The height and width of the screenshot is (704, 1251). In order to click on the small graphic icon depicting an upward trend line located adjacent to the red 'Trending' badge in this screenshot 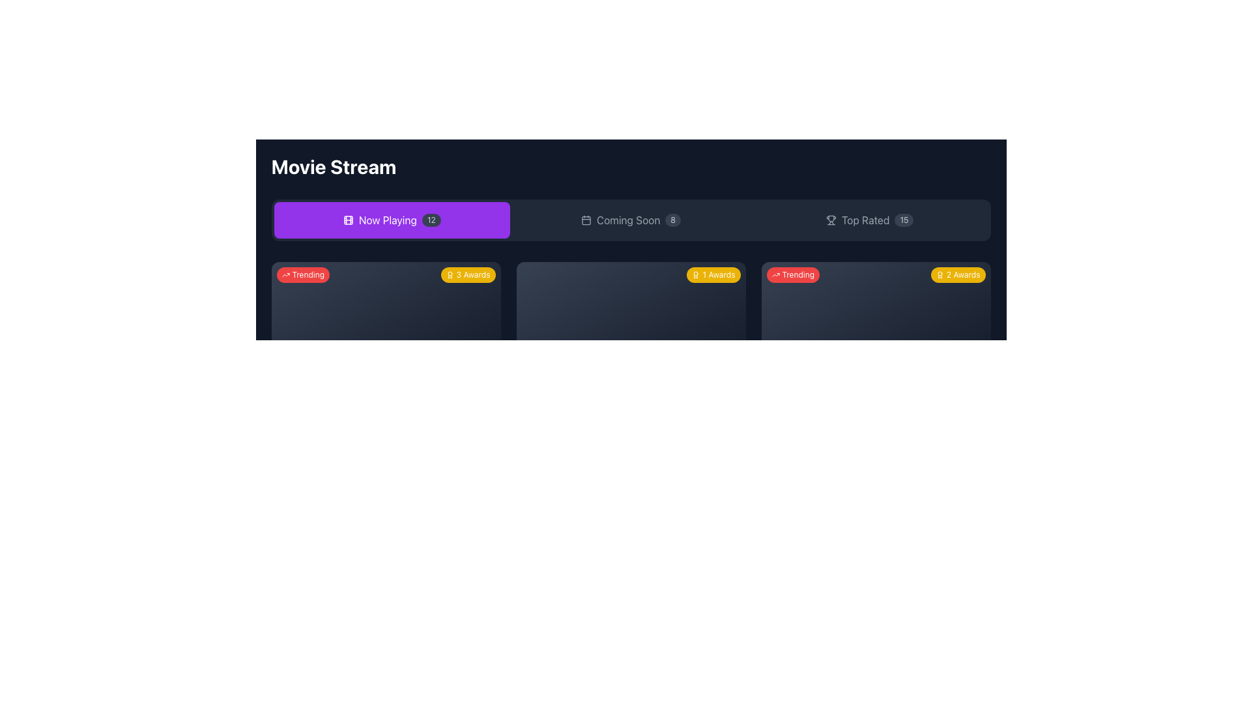, I will do `click(775, 274)`.